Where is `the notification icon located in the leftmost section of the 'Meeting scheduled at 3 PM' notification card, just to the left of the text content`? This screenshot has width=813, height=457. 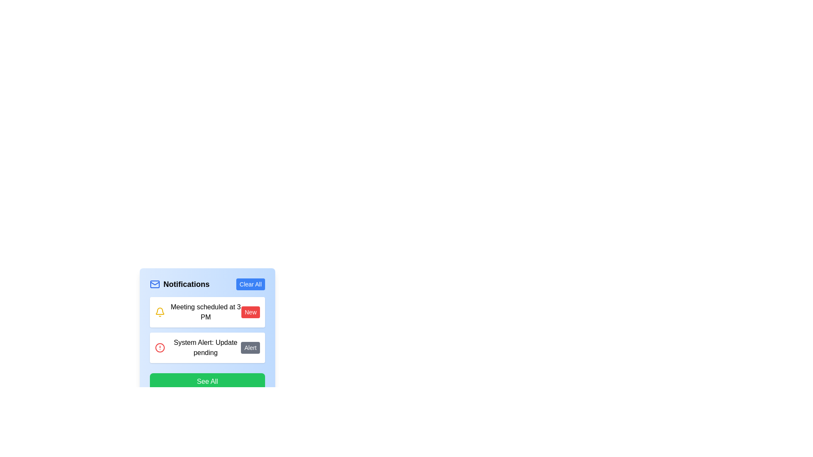
the notification icon located in the leftmost section of the 'Meeting scheduled at 3 PM' notification card, just to the left of the text content is located at coordinates (160, 312).